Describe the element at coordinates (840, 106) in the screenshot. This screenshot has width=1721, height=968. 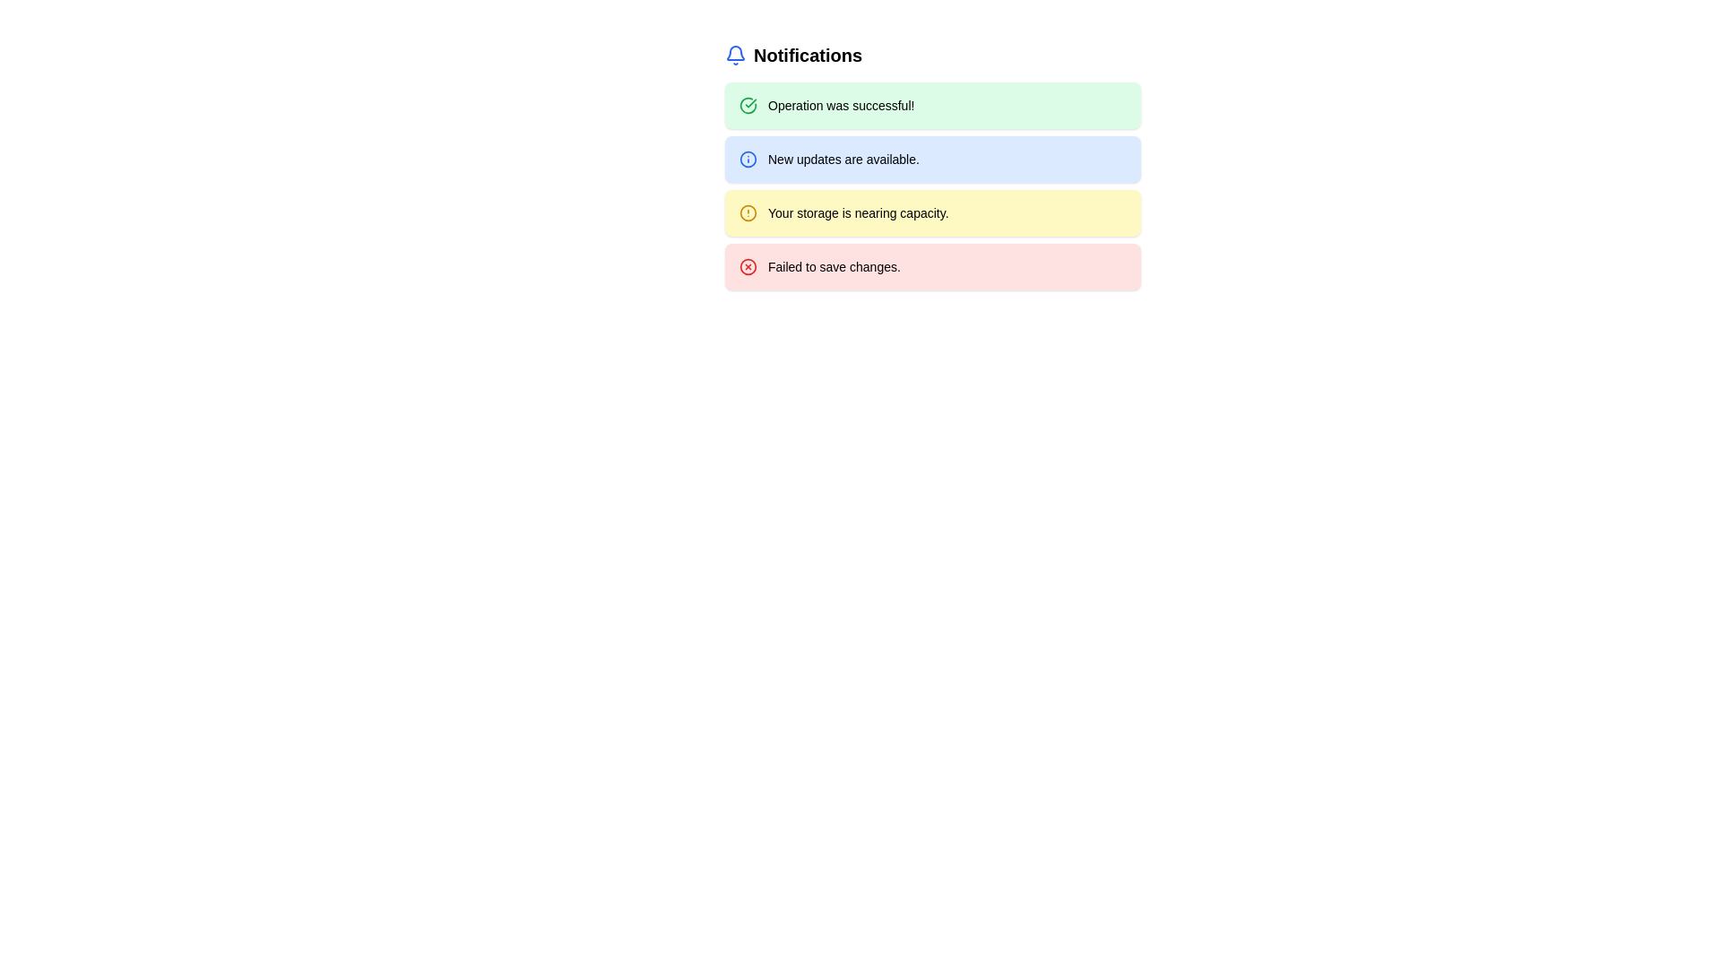
I see `the notification message text label, which is located beside a green circular checkmark icon in the first item of a vertical list on a green background` at that location.